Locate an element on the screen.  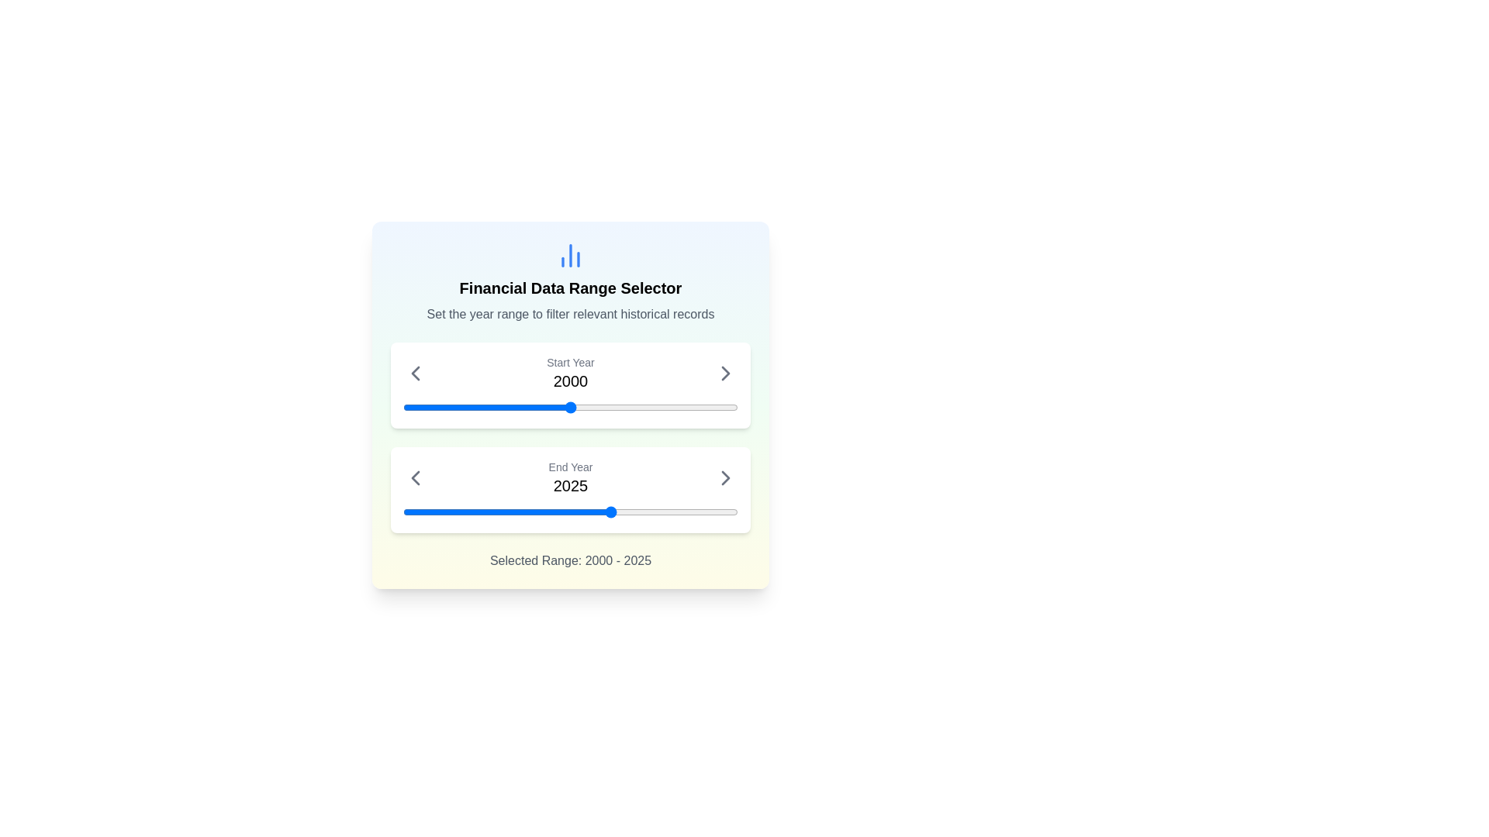
the year is located at coordinates (440, 511).